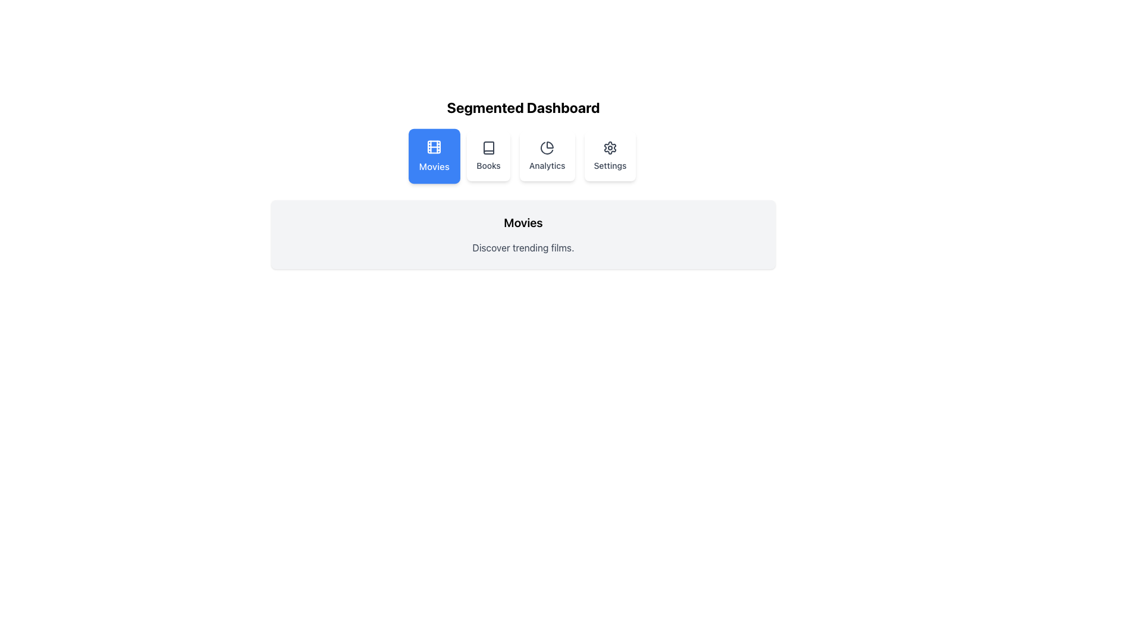  What do you see at coordinates (433, 155) in the screenshot?
I see `the rectangular blue button labeled 'Movies', which has a white film icon above the text` at bounding box center [433, 155].